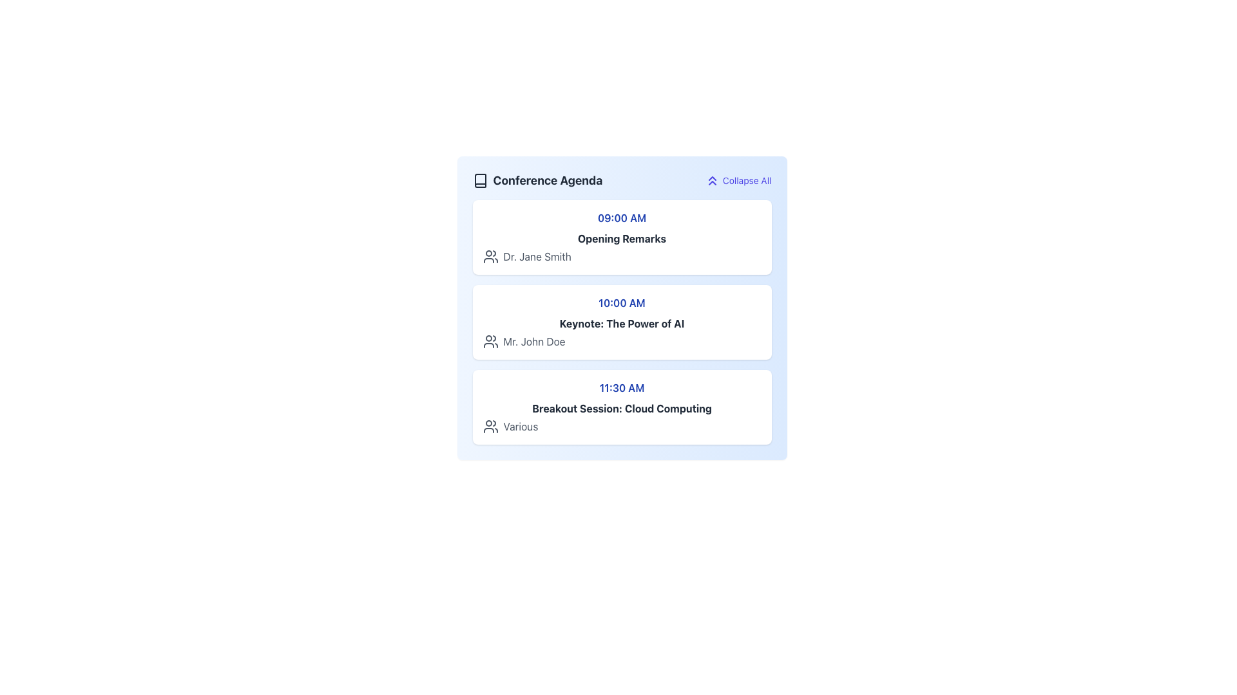 The width and height of the screenshot is (1237, 695). What do you see at coordinates (490, 256) in the screenshot?
I see `the user icon preceding the text 'Dr. Jane Smith' in the conference agenda for the 'Opening Remarks' at 09:00 AM` at bounding box center [490, 256].